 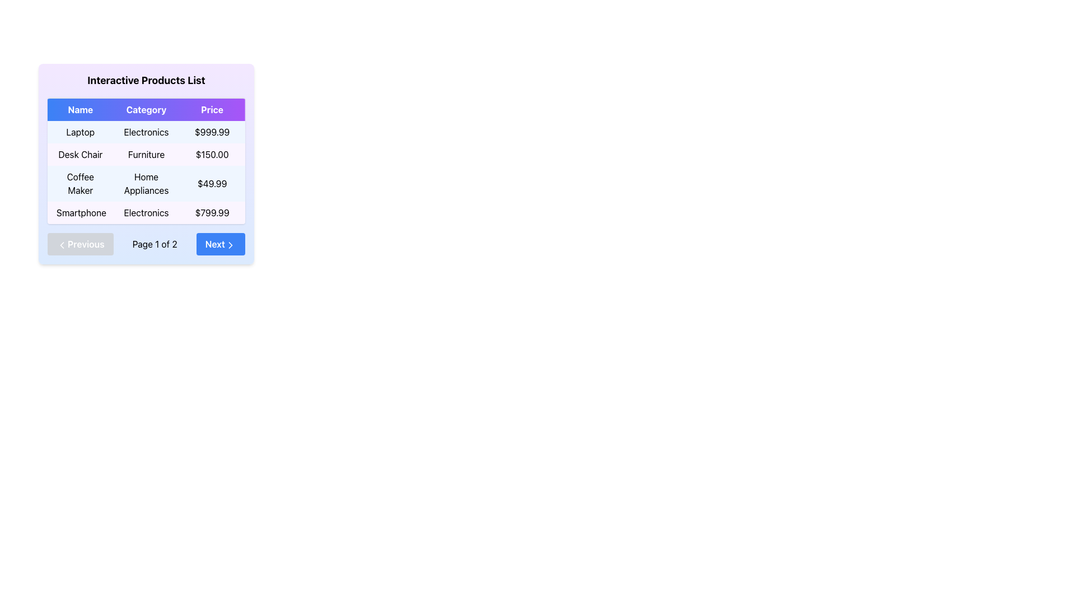 I want to click on the text label that reads 'Interactive Products List', which is styled with a bold font and centered alignment, located above a table with data entries, so click(x=146, y=80).